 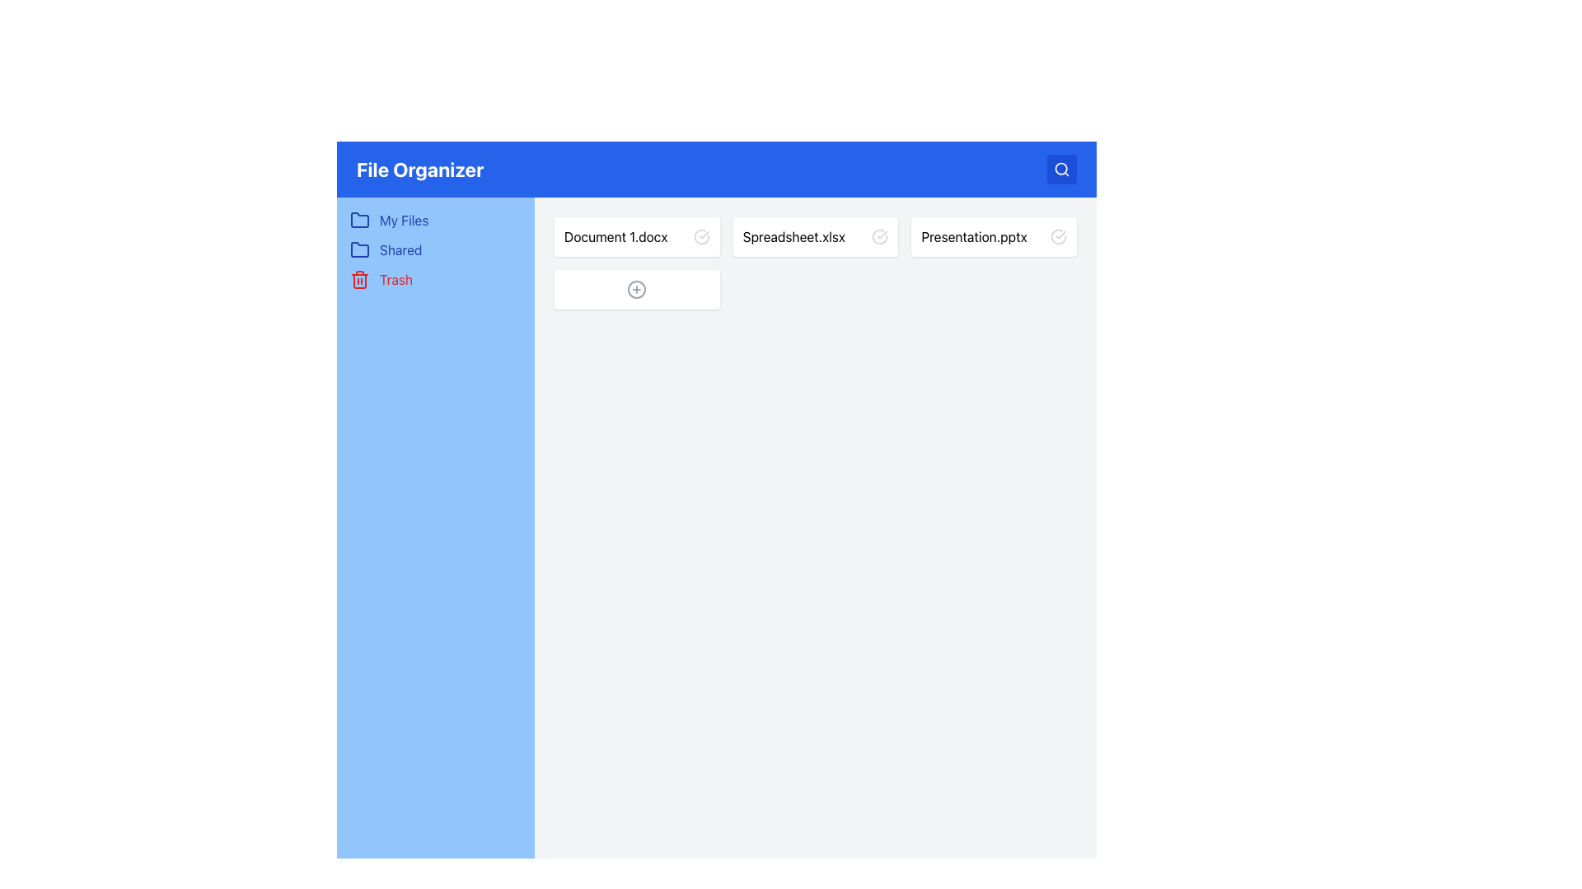 What do you see at coordinates (396, 278) in the screenshot?
I see `the 'Trash' text label, which is displayed in red next to the trashcan icon in the left-side navigation menu` at bounding box center [396, 278].